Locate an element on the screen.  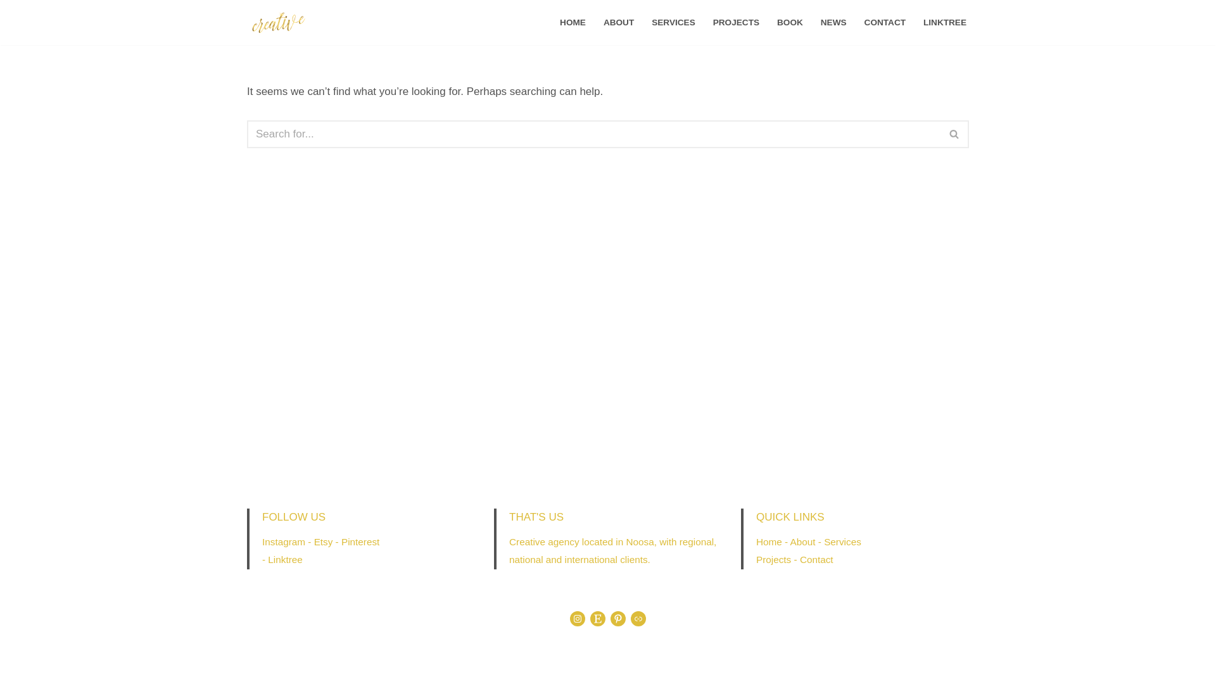
'Neve' is located at coordinates (258, 666).